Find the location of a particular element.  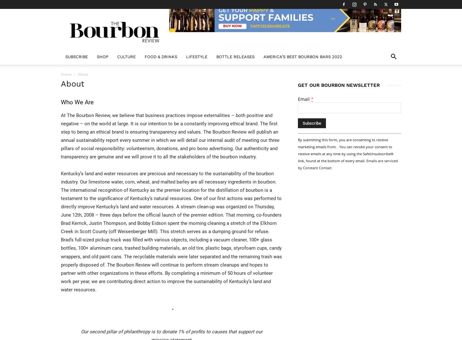

'Get Our Bourbon Newsletter' is located at coordinates (339, 85).